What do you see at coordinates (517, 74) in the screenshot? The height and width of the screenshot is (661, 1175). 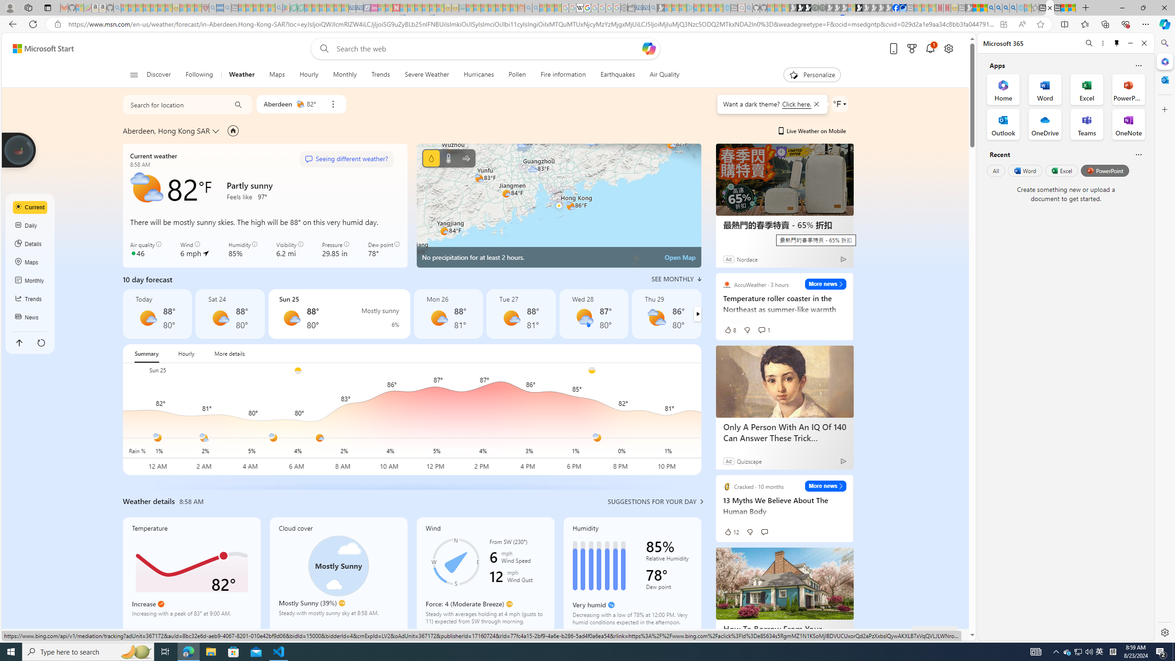 I see `'Pollen'` at bounding box center [517, 74].